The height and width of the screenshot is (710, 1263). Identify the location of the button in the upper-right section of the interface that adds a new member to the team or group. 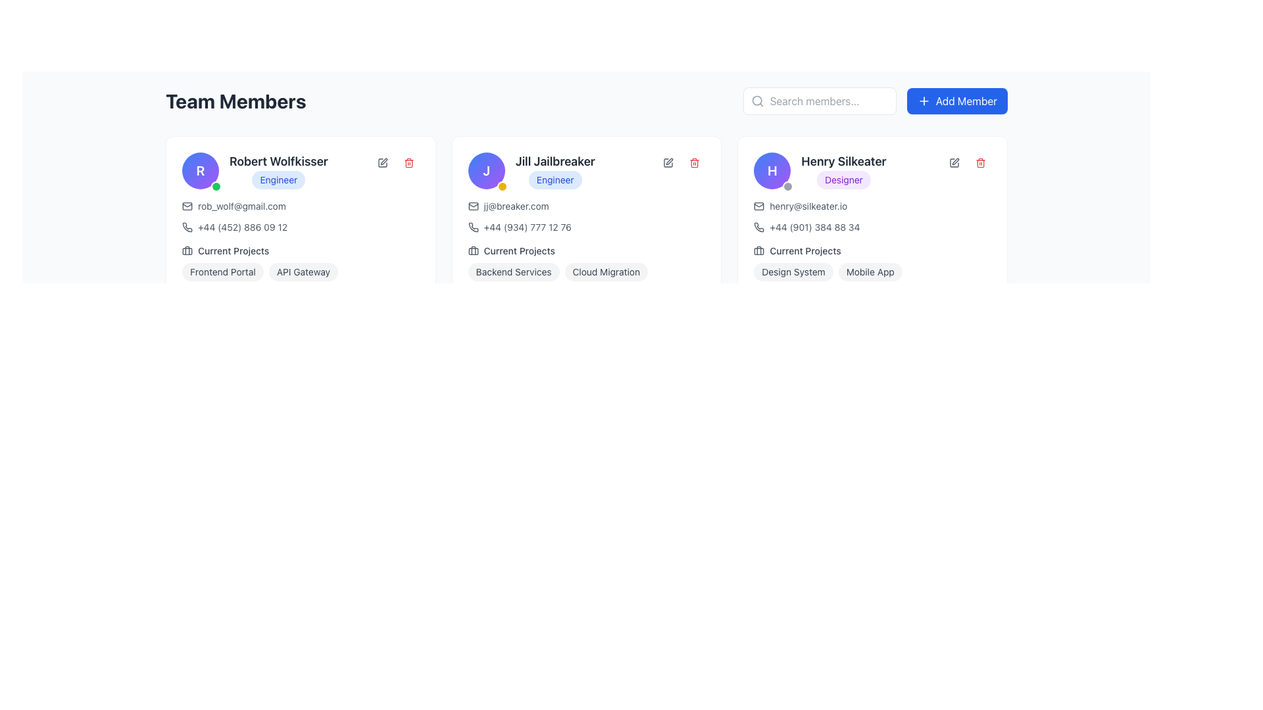
(957, 101).